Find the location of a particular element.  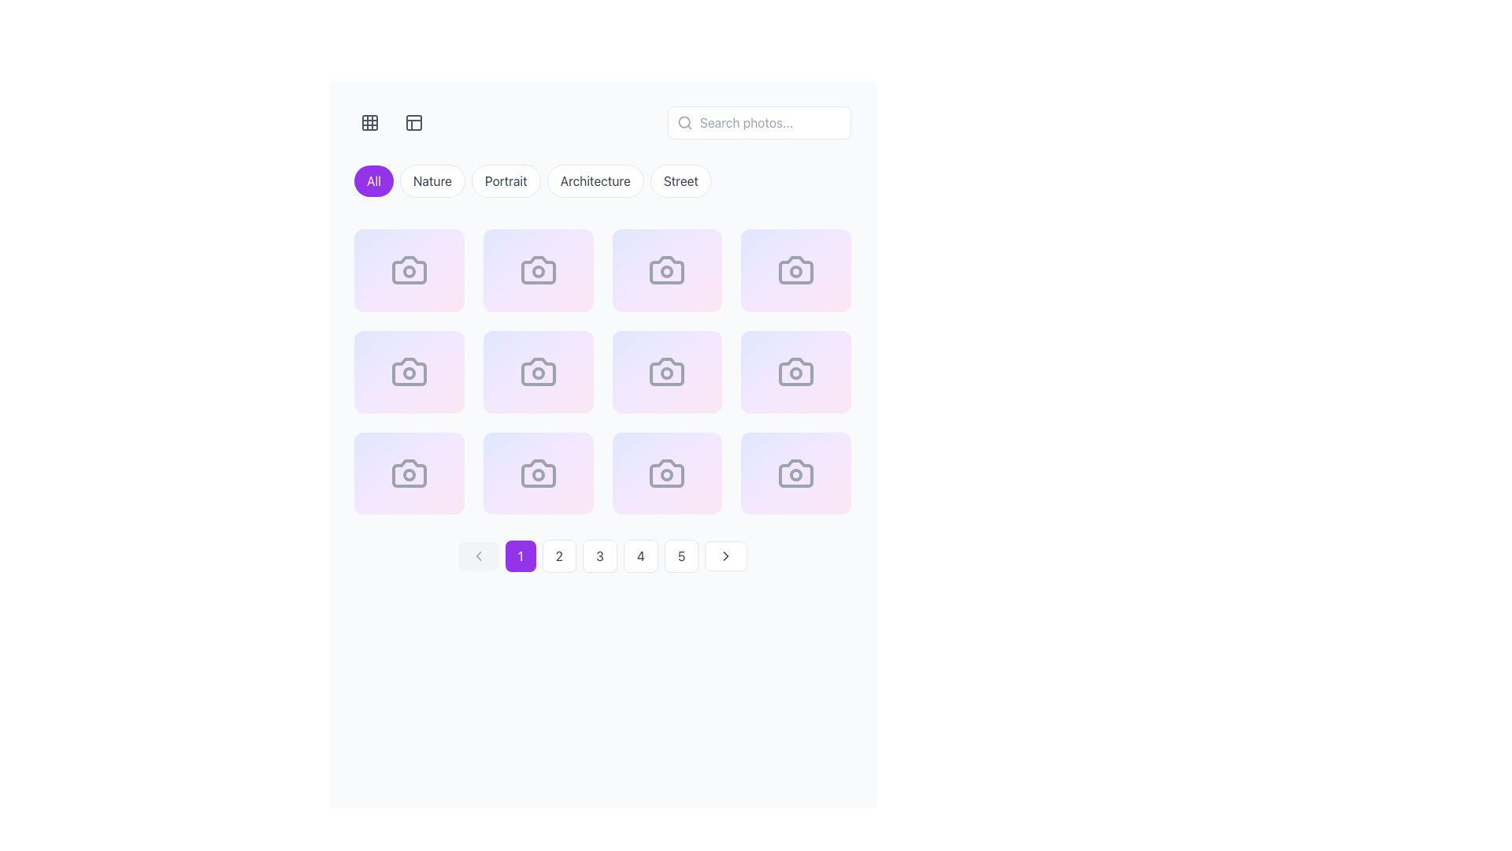

the 'like' or 'favorite' button located in the bottom-right corner of the grid layout, which is the first element in a set of action buttons is located at coordinates (767, 488).